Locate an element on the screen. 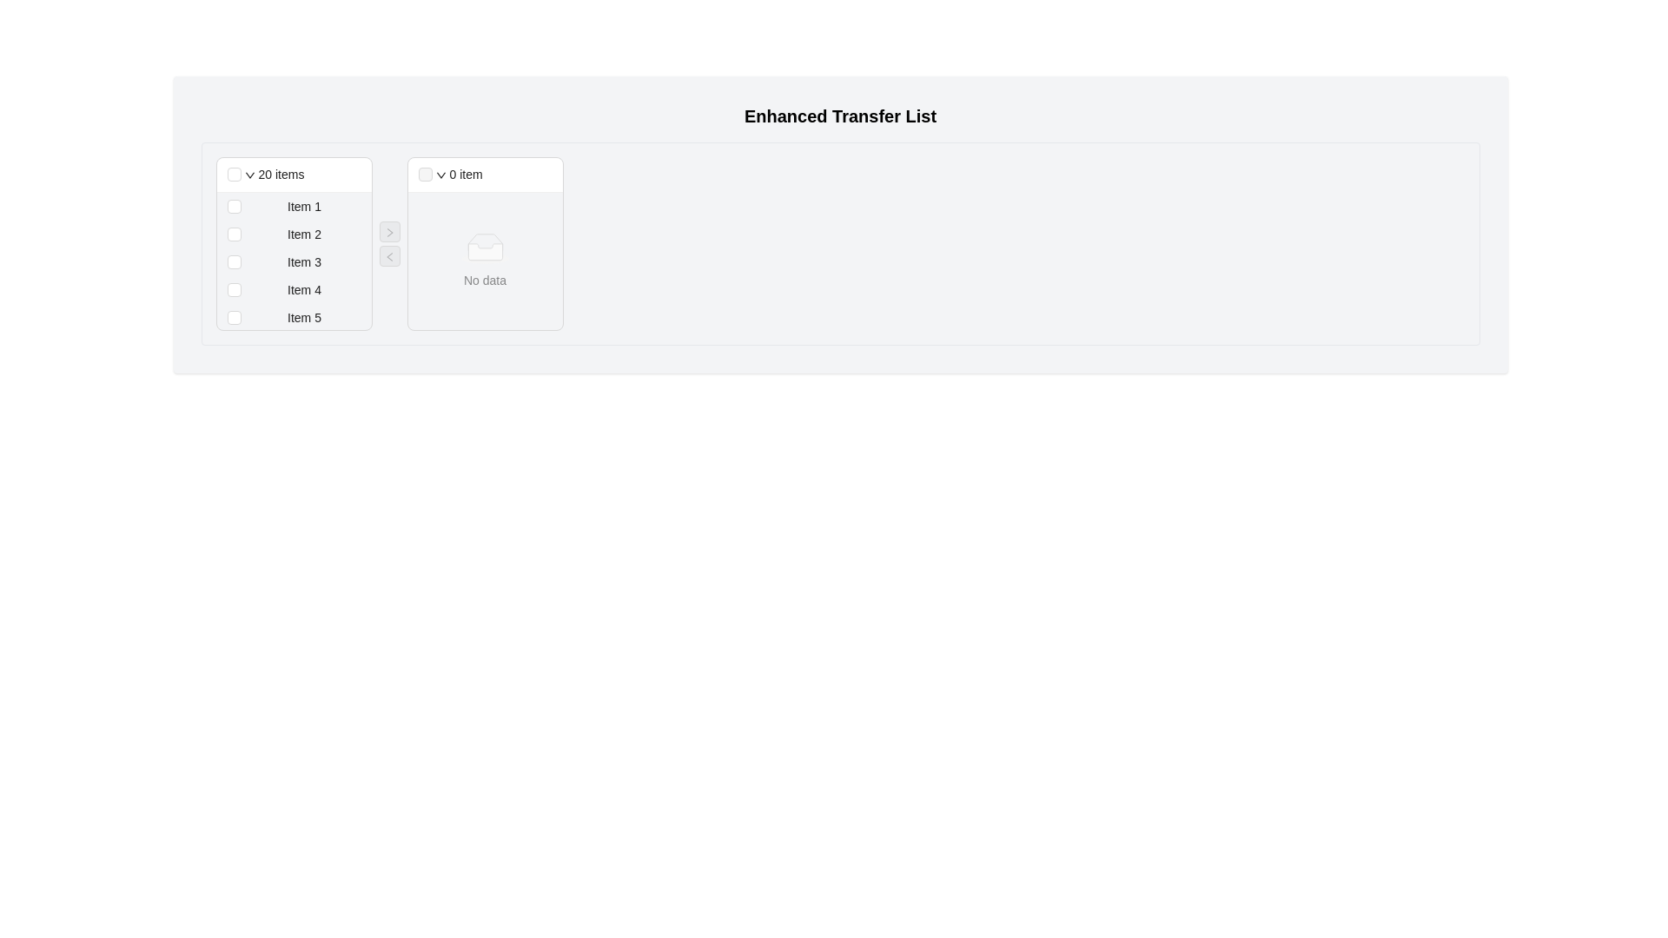 The height and width of the screenshot is (938, 1668). an entry in the selectable list component located in the left section of the interface is located at coordinates (294, 244).